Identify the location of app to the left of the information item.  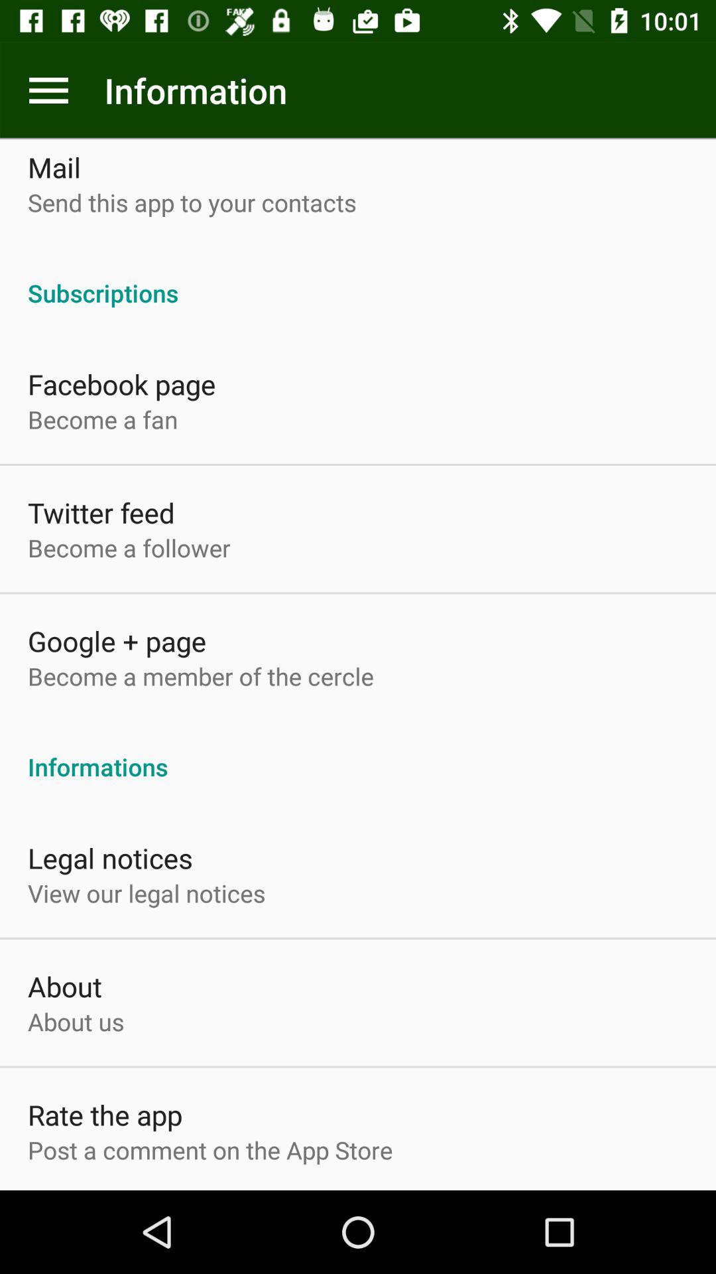
(48, 90).